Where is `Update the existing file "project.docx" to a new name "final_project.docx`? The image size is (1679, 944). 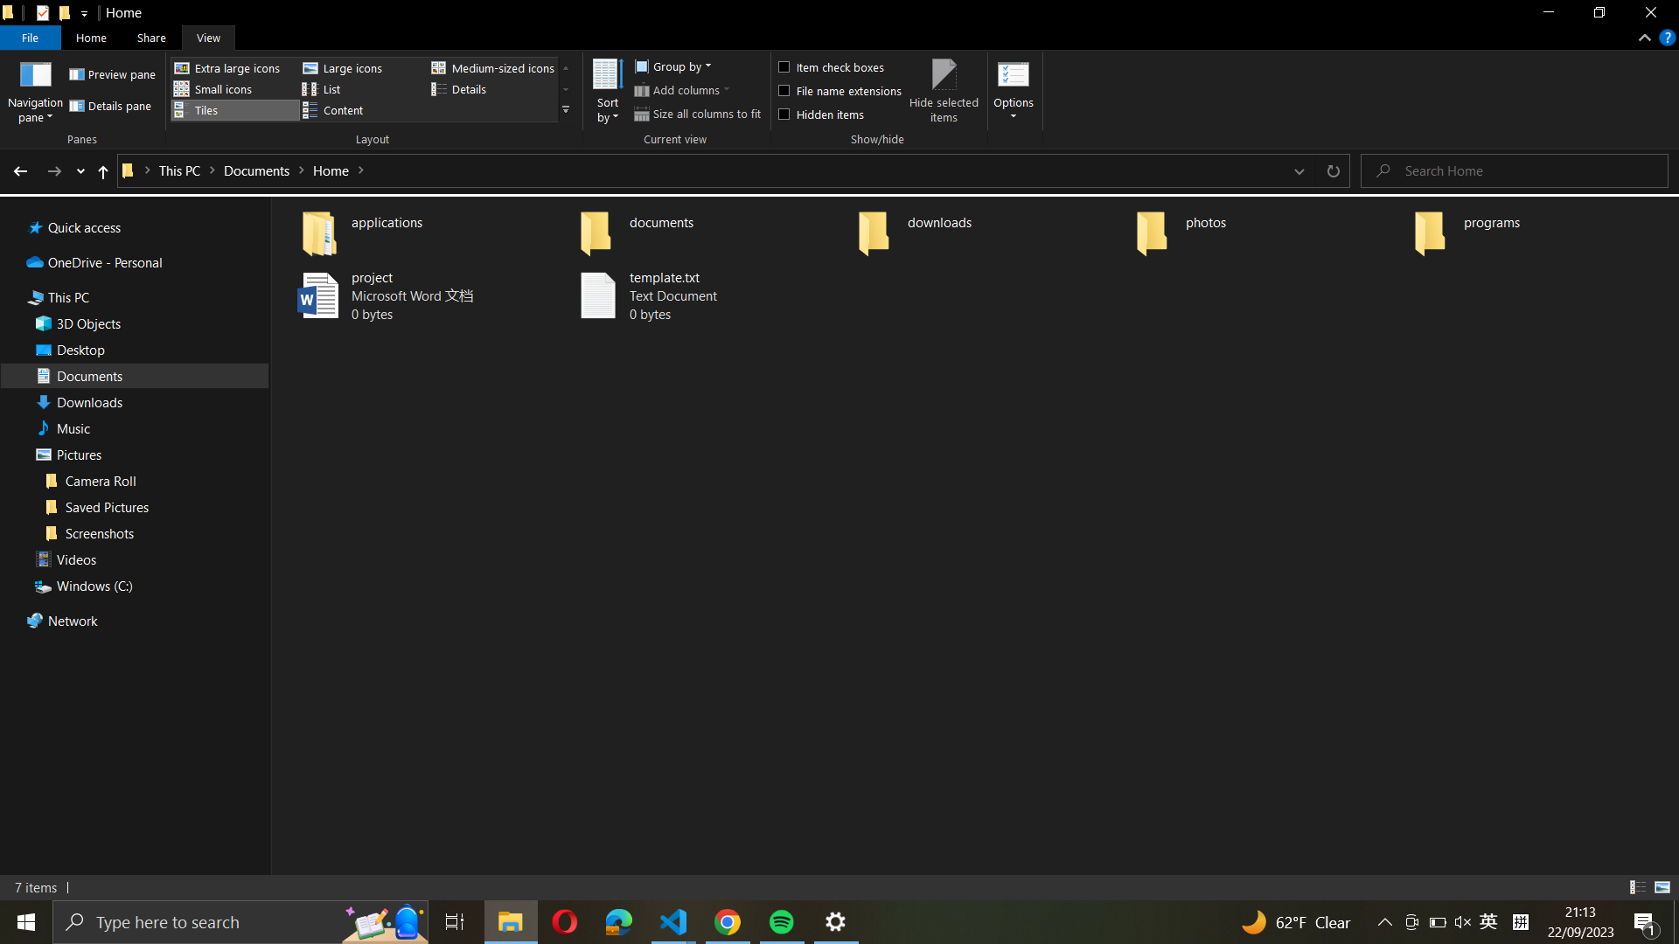 Update the existing file "project.docx" to a new name "final_project.docx is located at coordinates (416, 295).